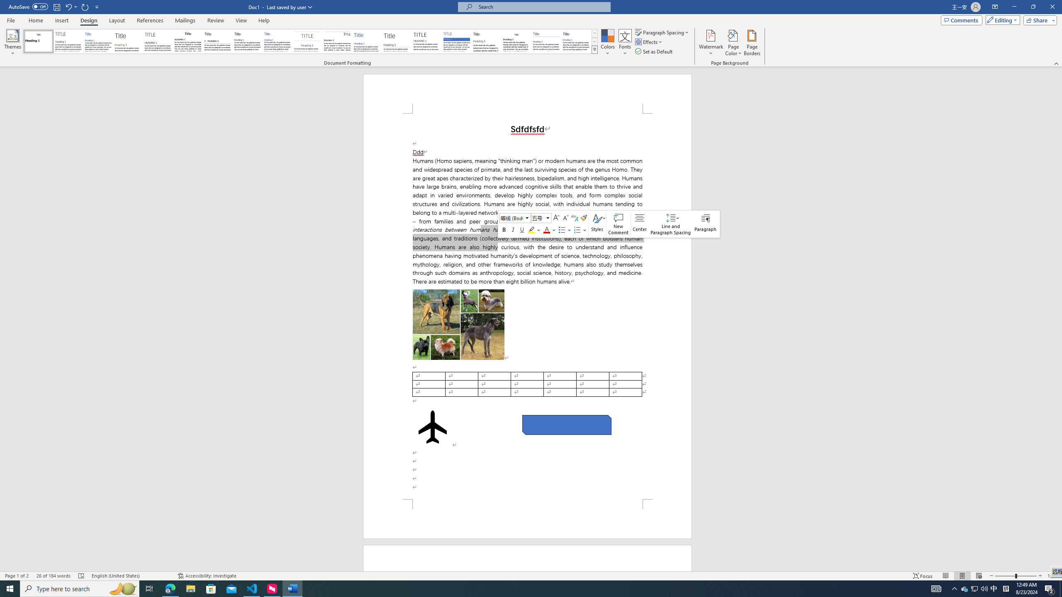 The width and height of the screenshot is (1062, 597). Describe the element at coordinates (619, 224) in the screenshot. I see `'New Comment'` at that location.